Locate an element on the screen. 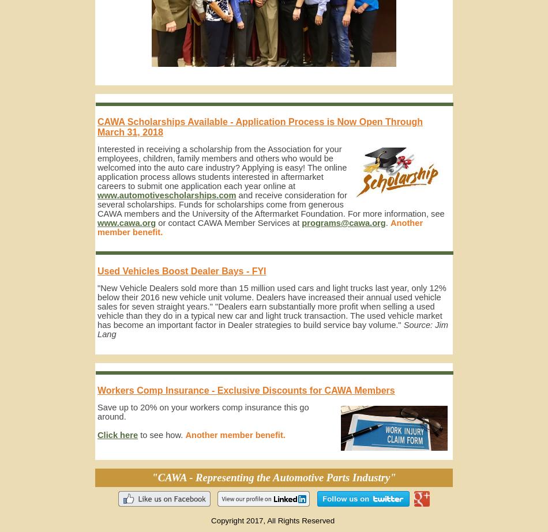  'Copyright 2017, All Rights Reserved' is located at coordinates (273, 520).